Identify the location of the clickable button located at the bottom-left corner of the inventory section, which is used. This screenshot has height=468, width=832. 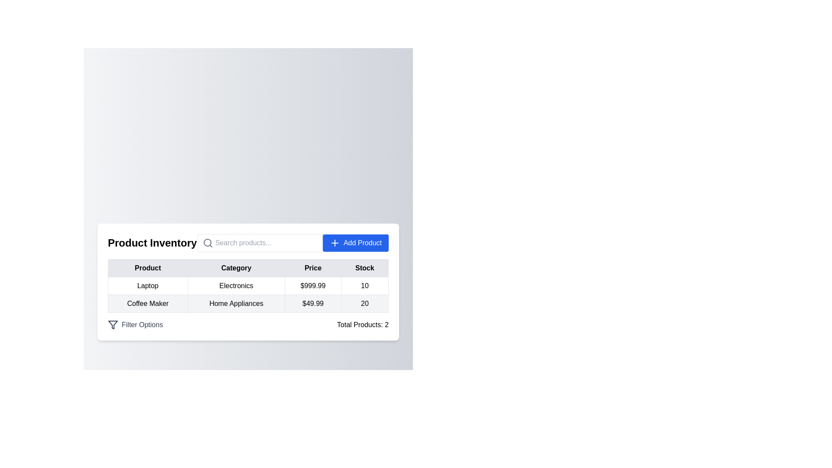
(135, 325).